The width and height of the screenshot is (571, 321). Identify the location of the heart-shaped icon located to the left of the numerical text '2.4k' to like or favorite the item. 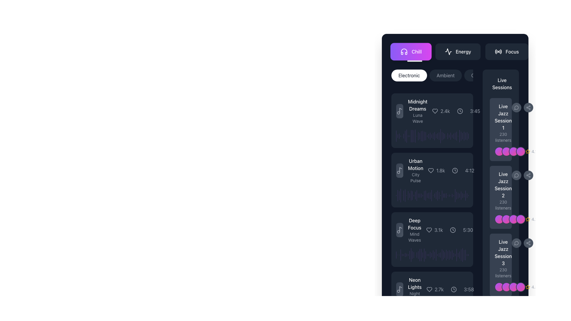
(435, 111).